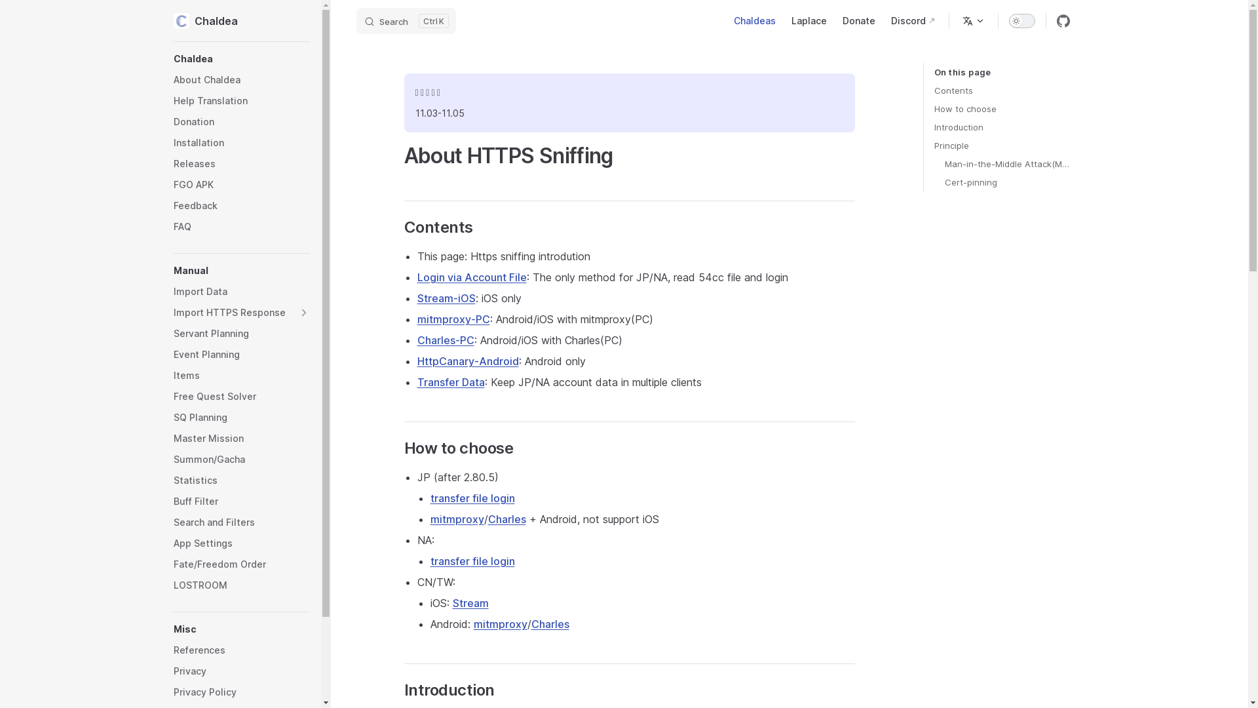 Image resolution: width=1258 pixels, height=708 pixels. What do you see at coordinates (755, 20) in the screenshot?
I see `'Chaldeas'` at bounding box center [755, 20].